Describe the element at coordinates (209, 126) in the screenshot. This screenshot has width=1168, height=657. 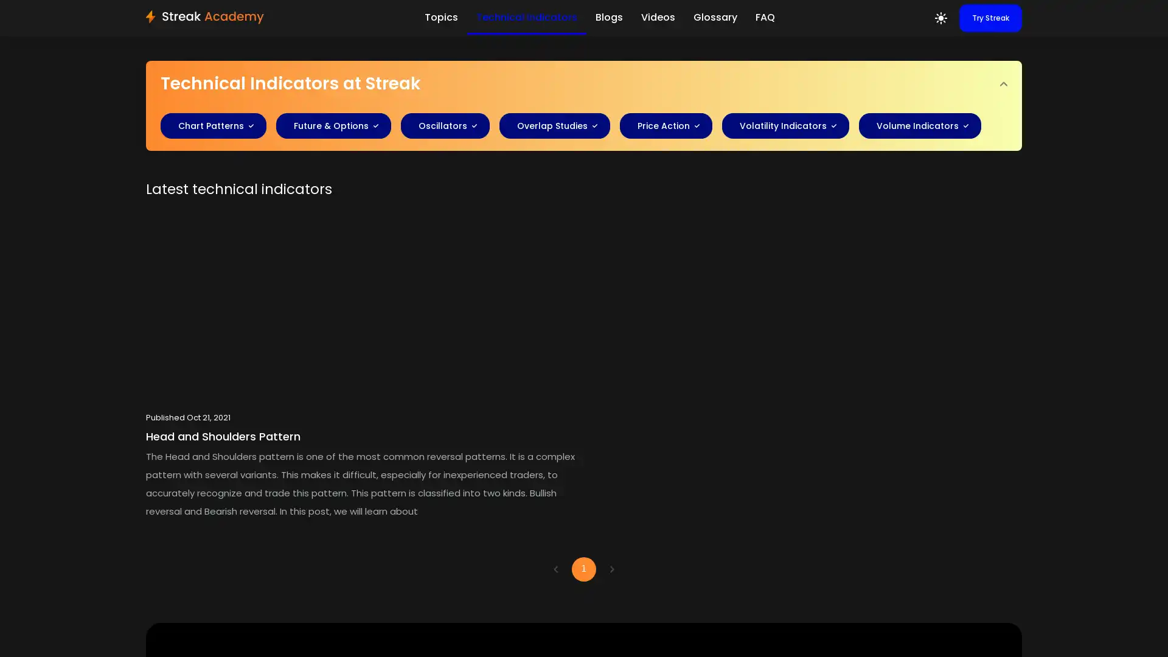
I see `Chart Patterns` at that location.